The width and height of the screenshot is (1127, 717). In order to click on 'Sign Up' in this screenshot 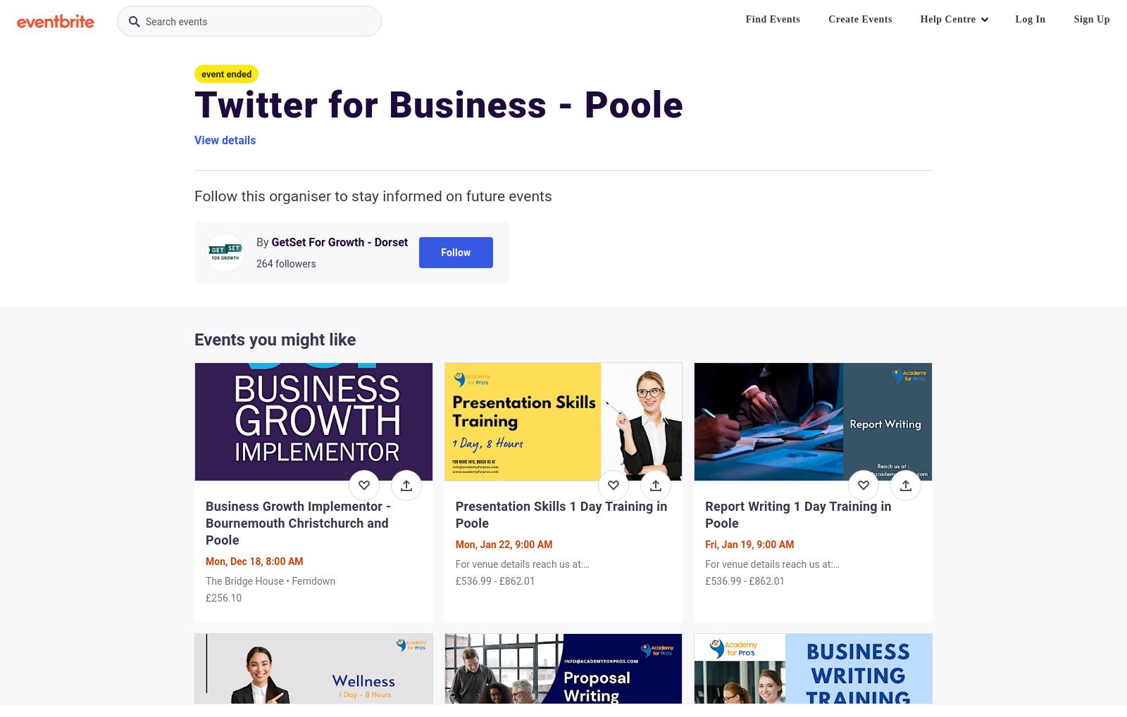, I will do `click(1092, 18)`.